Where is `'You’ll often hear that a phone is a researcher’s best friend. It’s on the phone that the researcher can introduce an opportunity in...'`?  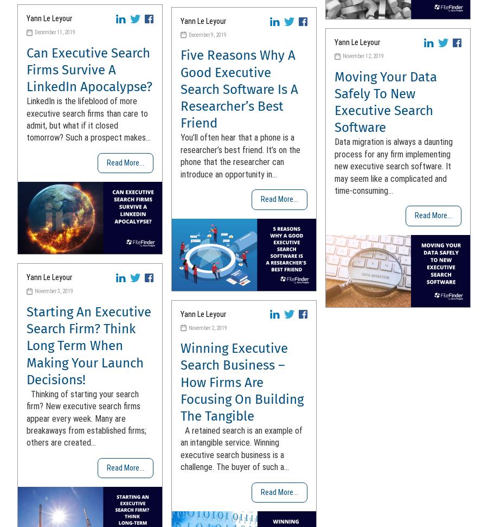
'You’ll often hear that a phone is a researcher’s best friend. It’s on the phone that the researcher can introduce an opportunity in...' is located at coordinates (180, 155).